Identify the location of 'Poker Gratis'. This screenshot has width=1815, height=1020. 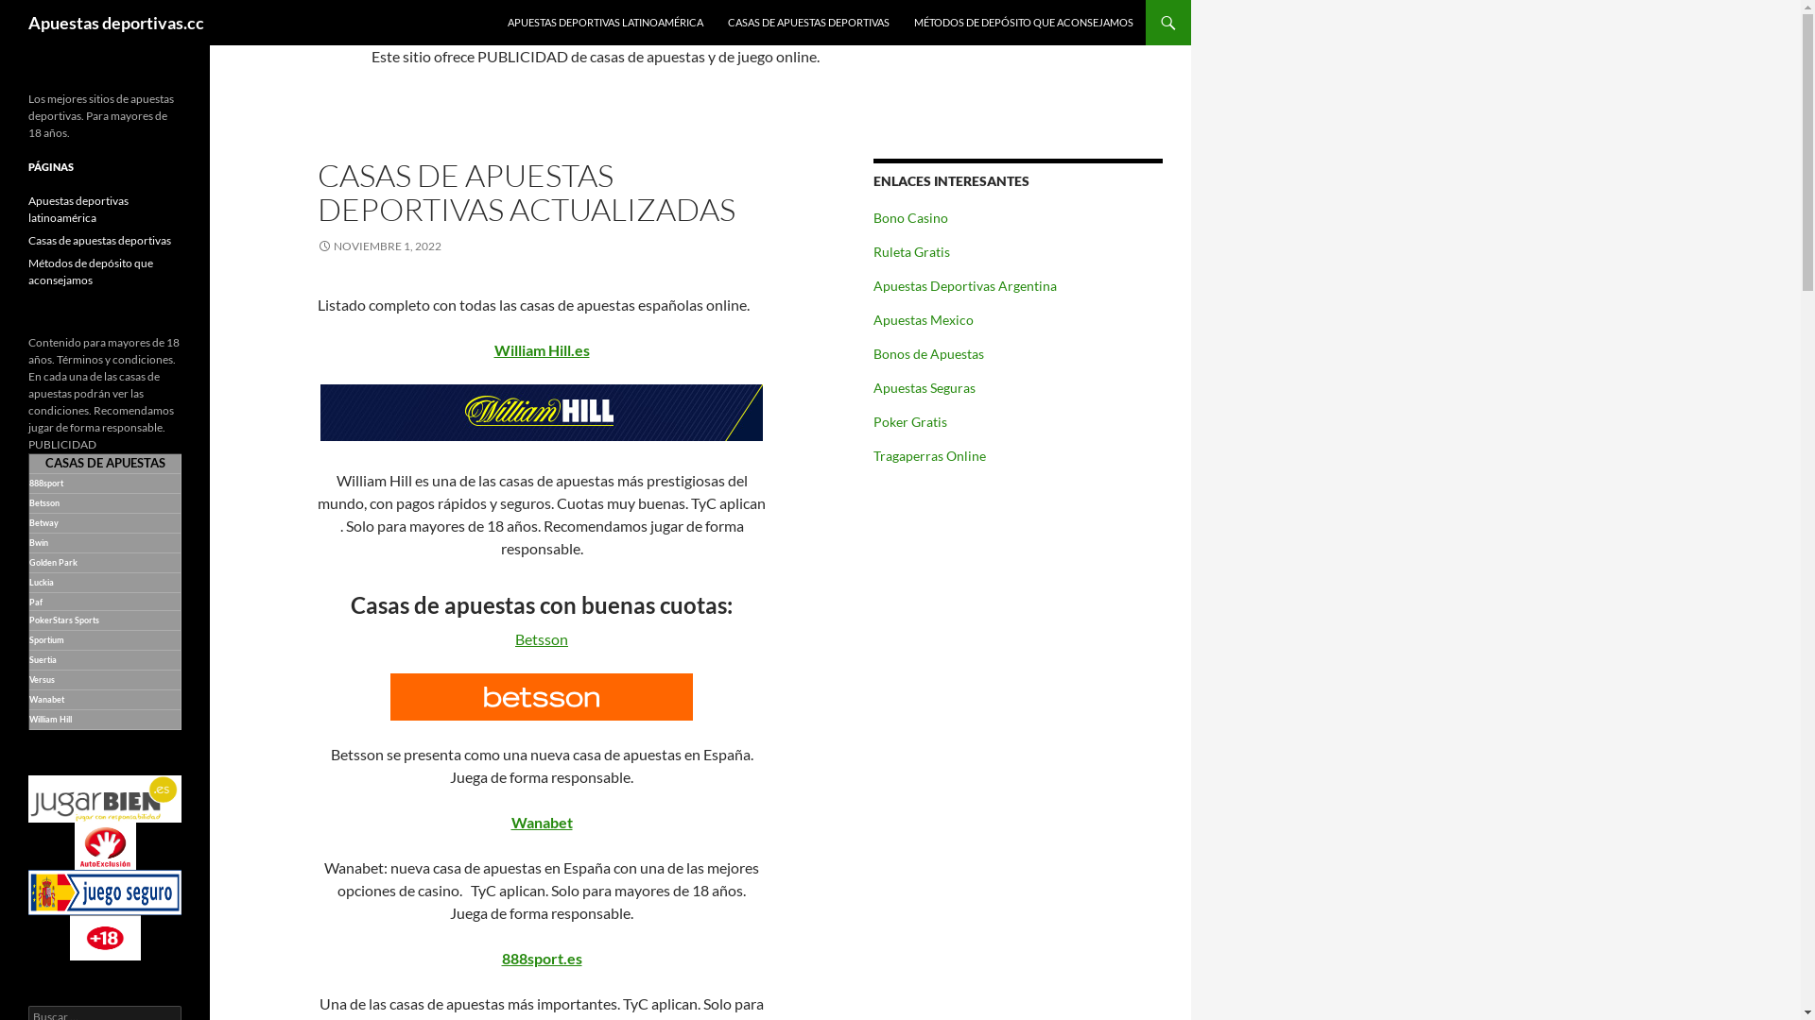
(873, 420).